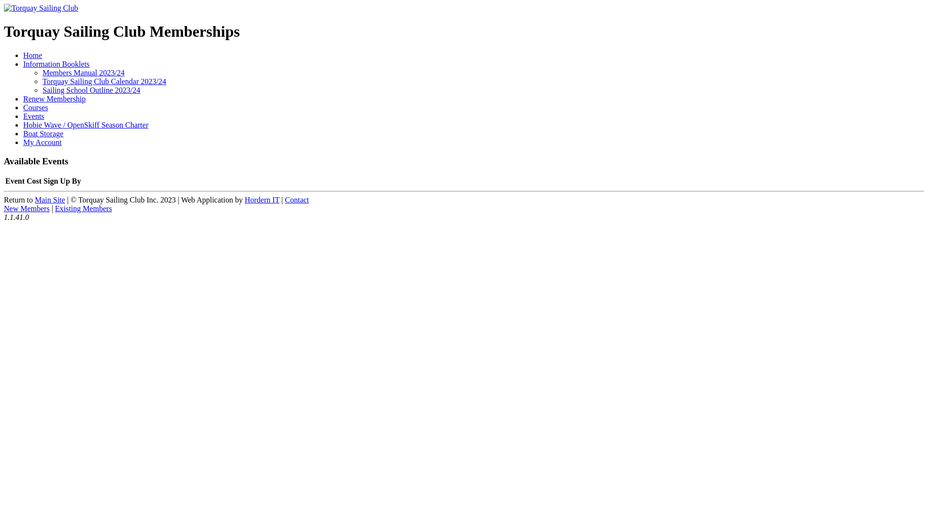  Describe the element at coordinates (32, 55) in the screenshot. I see `'Home'` at that location.